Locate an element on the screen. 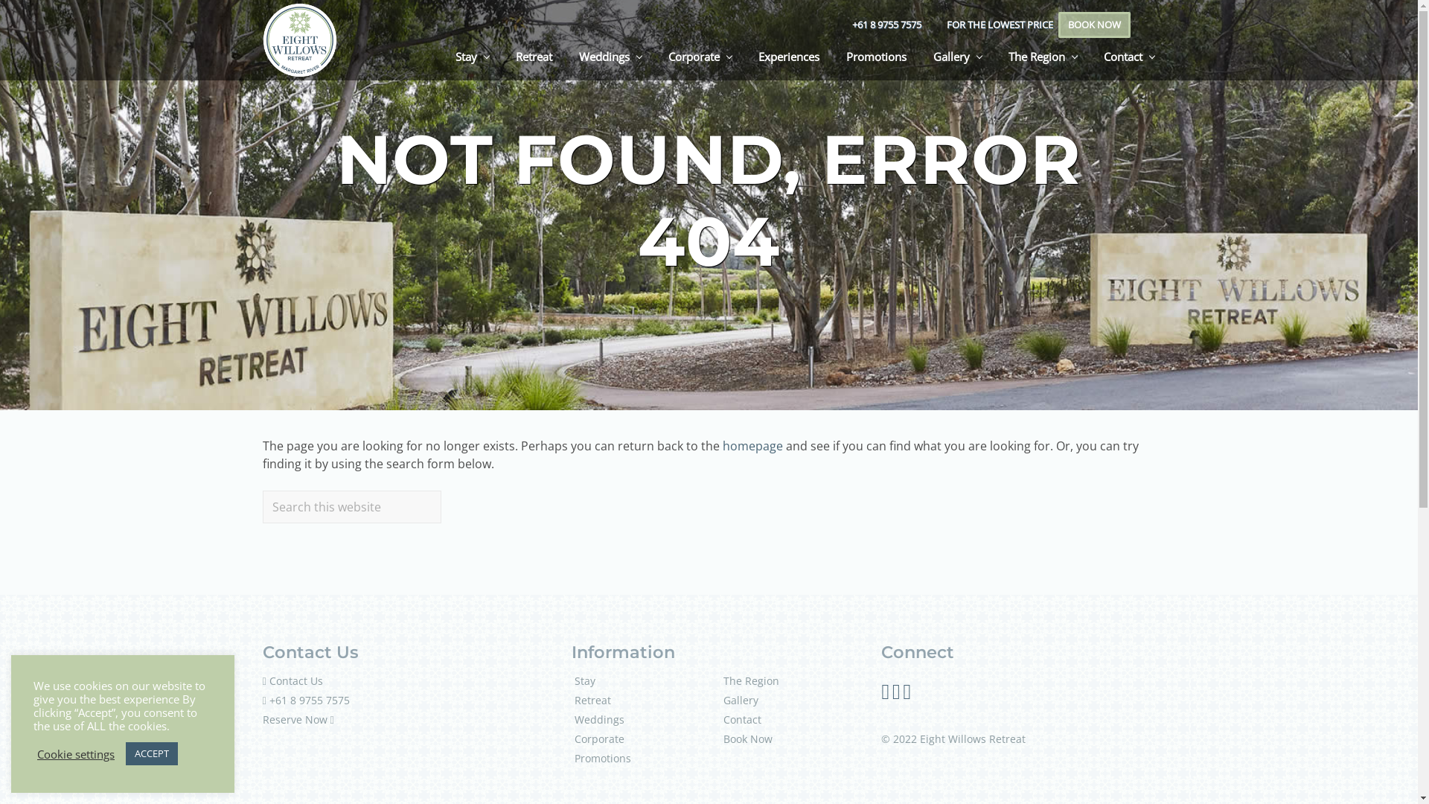 The width and height of the screenshot is (1429, 804). 'Follow us on Youtube' is located at coordinates (907, 695).